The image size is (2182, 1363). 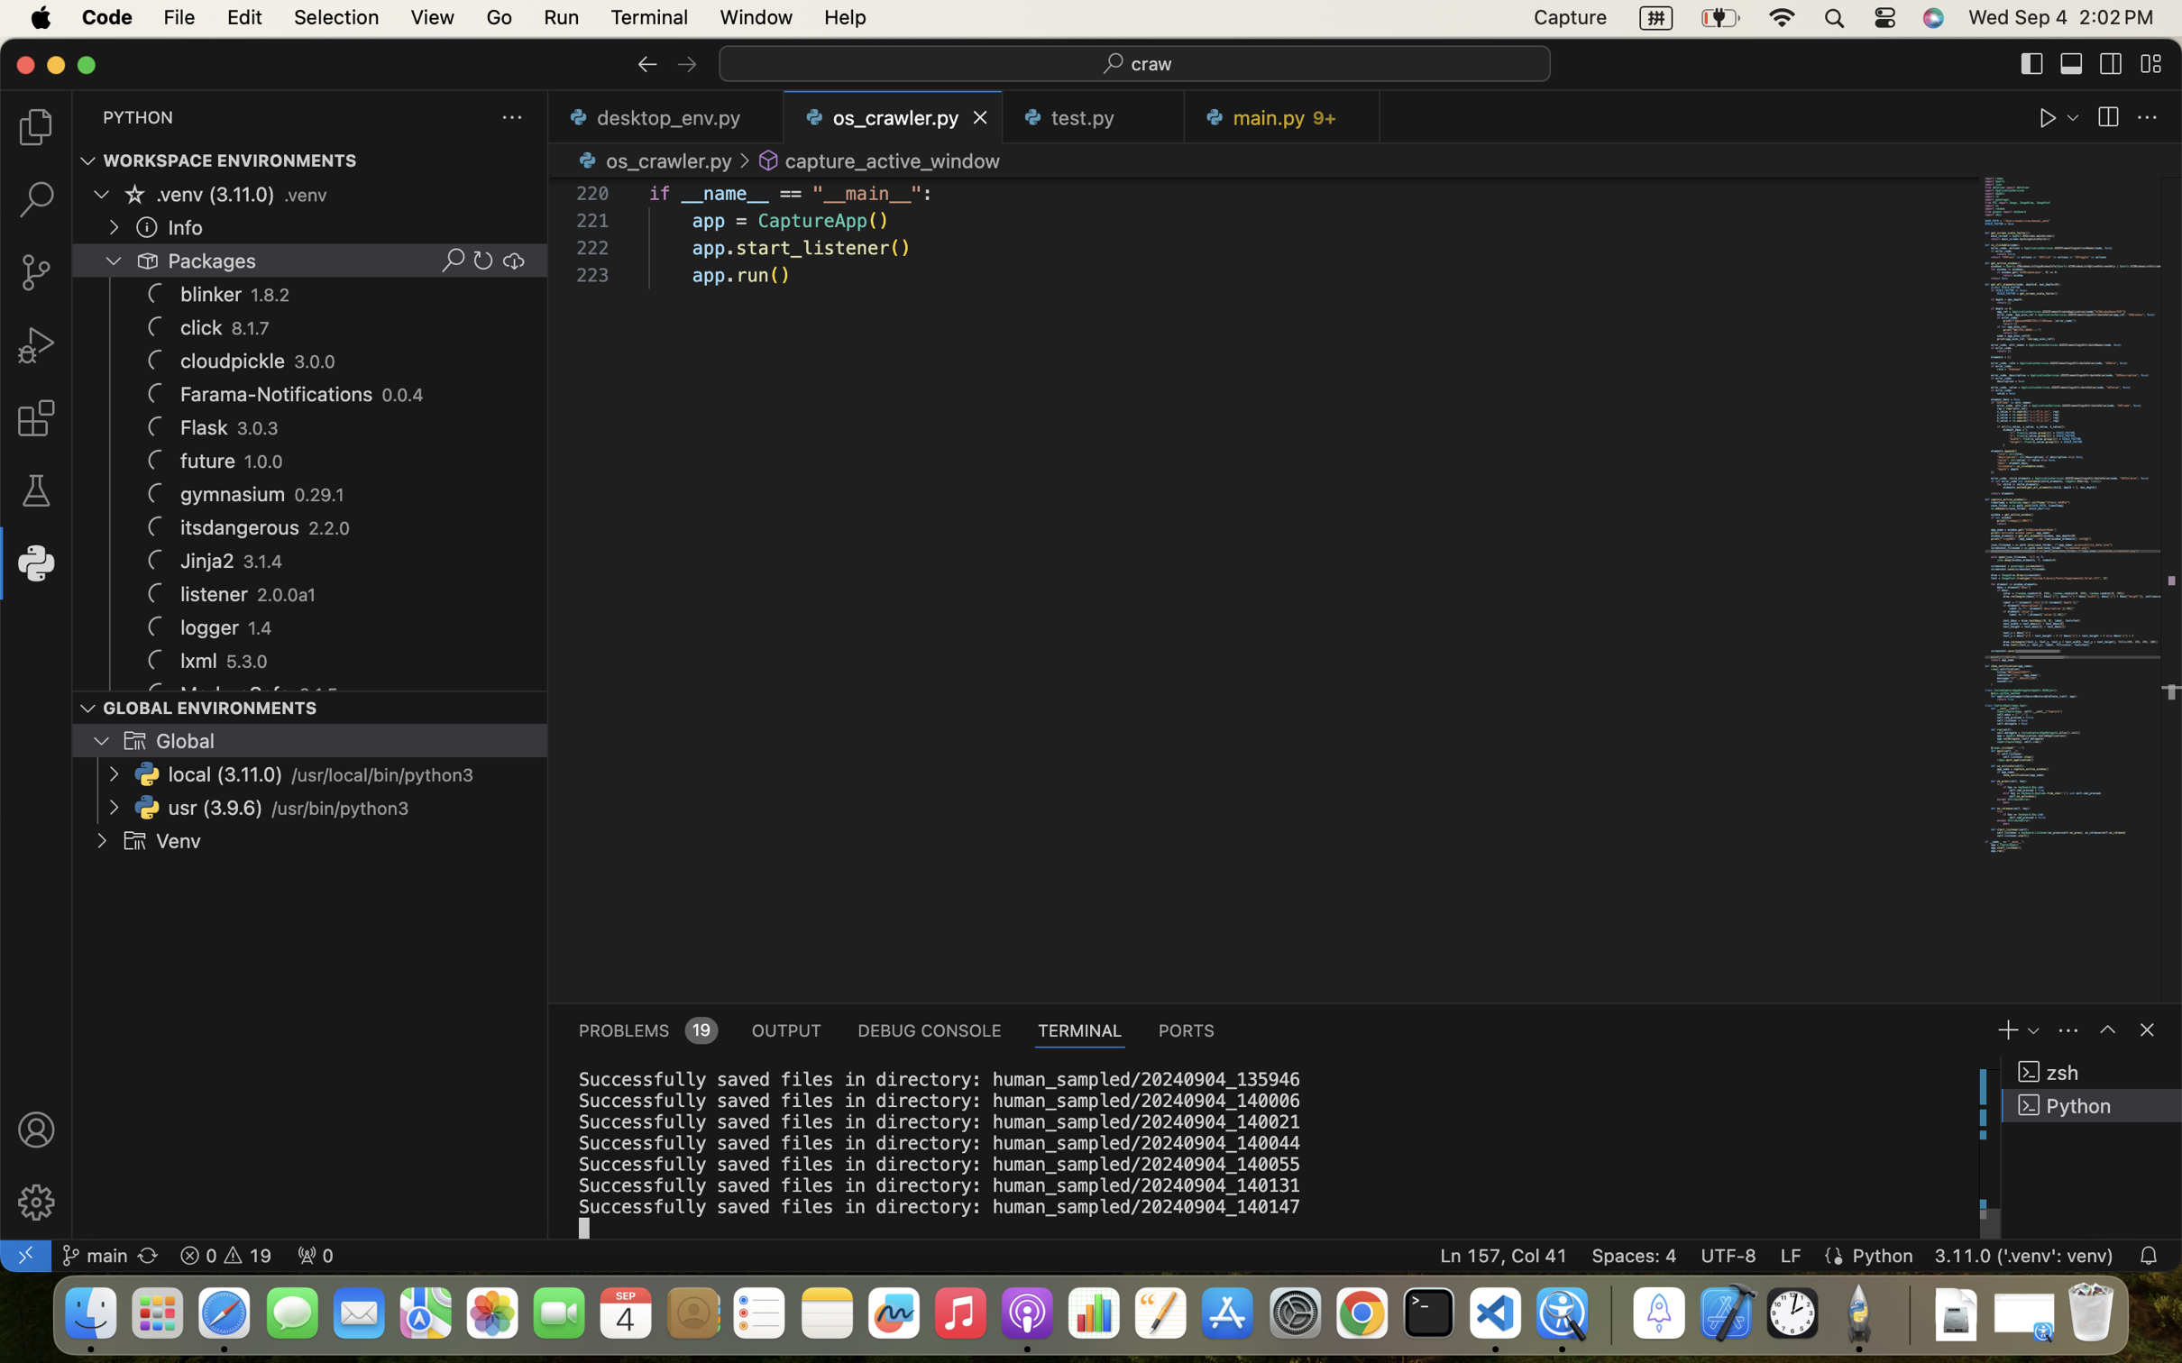 What do you see at coordinates (35, 199) in the screenshot?
I see `''` at bounding box center [35, 199].